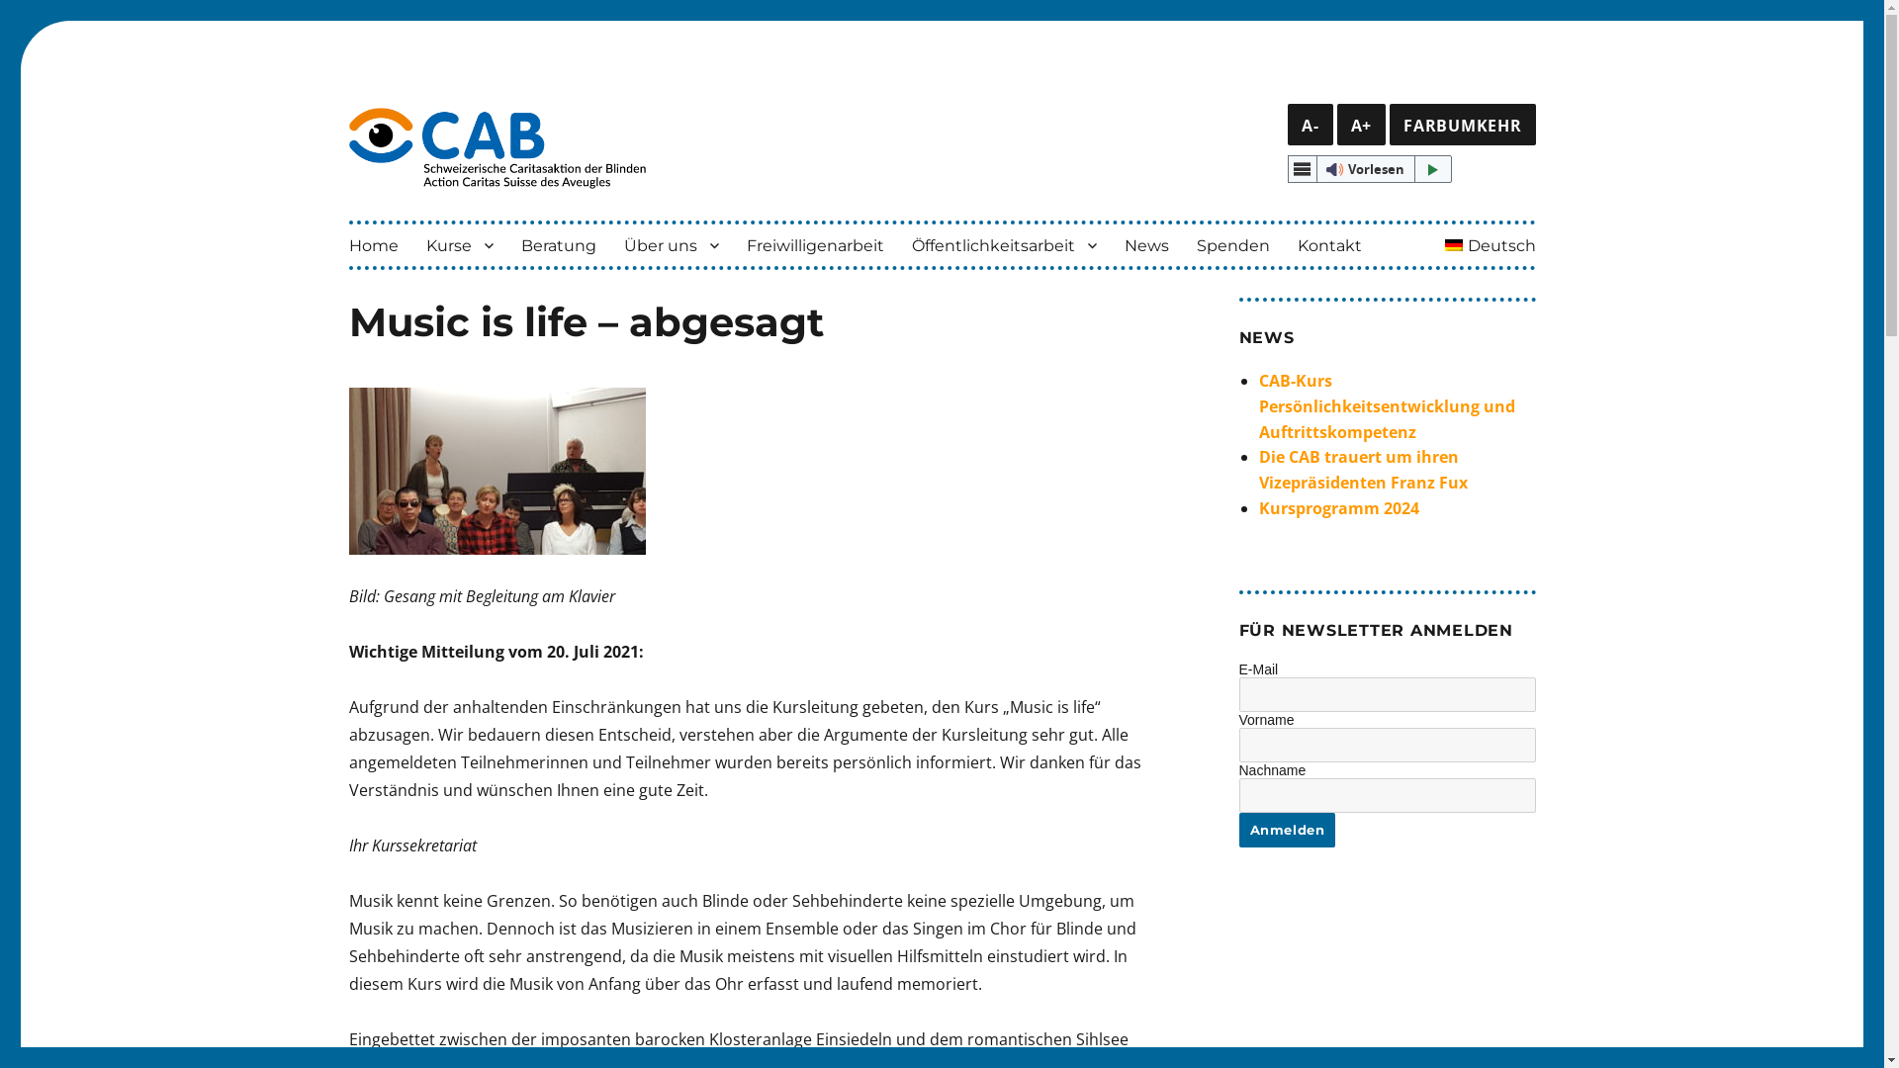  Describe the element at coordinates (1329, 243) in the screenshot. I see `'Kontakt'` at that location.